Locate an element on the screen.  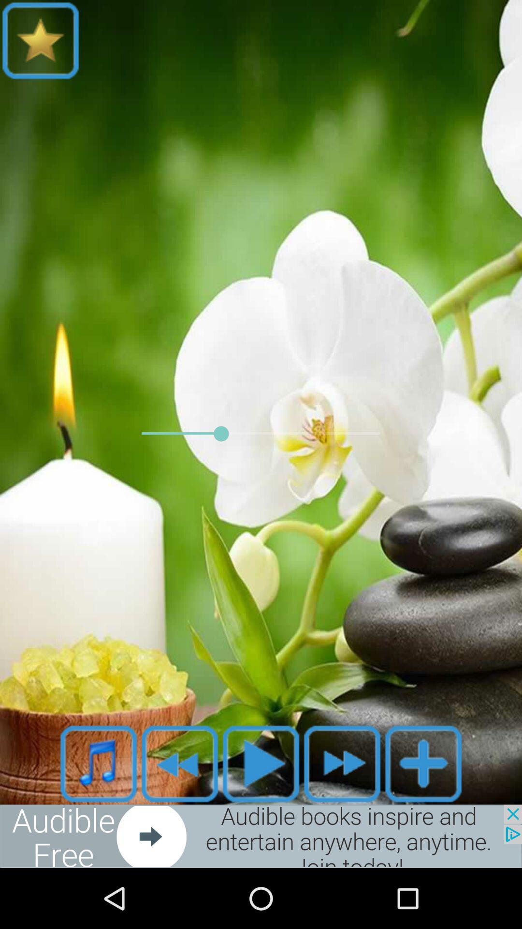
to playlist is located at coordinates (422, 763).